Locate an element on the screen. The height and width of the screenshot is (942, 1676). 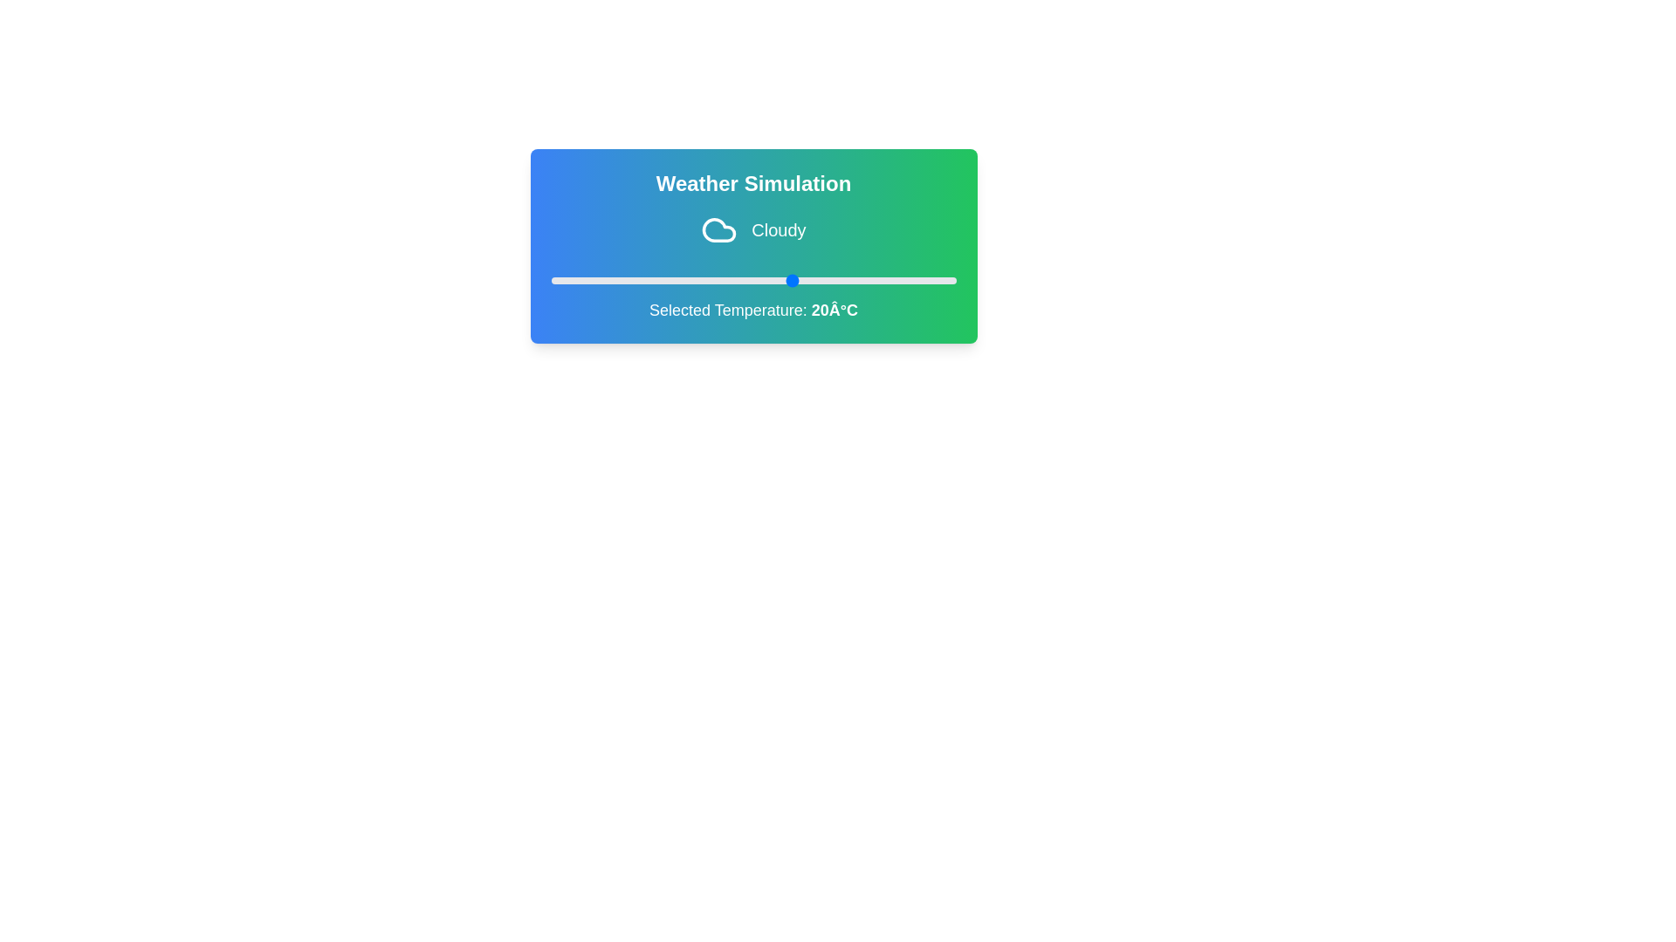
the temperature is located at coordinates (891, 279).